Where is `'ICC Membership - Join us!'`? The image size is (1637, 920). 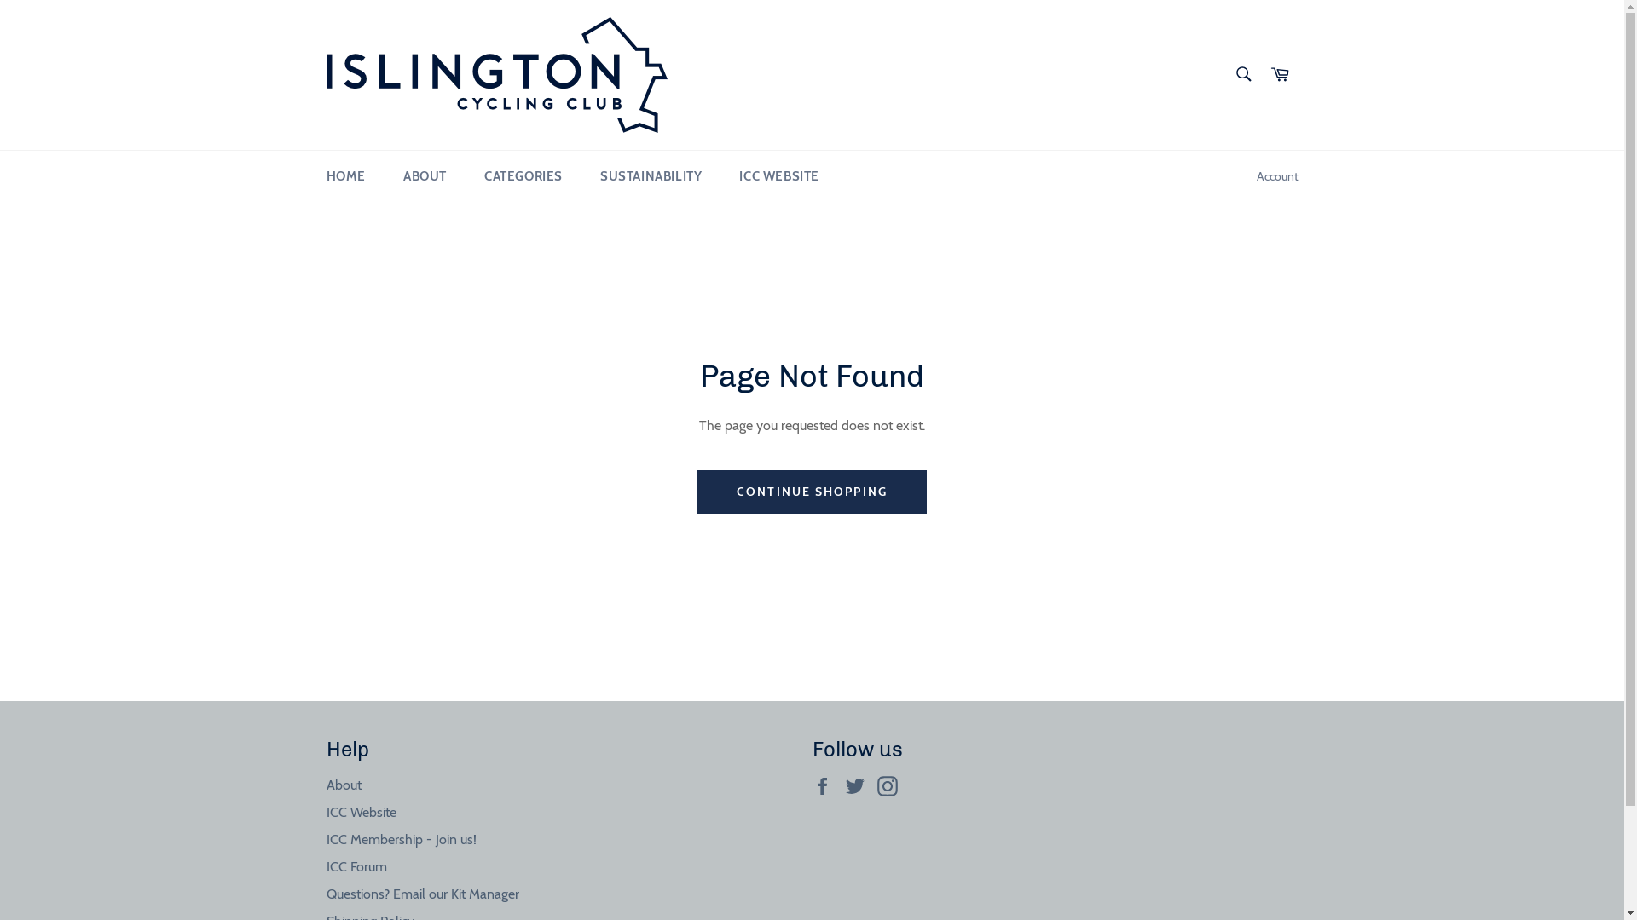 'ICC Membership - Join us!' is located at coordinates (400, 838).